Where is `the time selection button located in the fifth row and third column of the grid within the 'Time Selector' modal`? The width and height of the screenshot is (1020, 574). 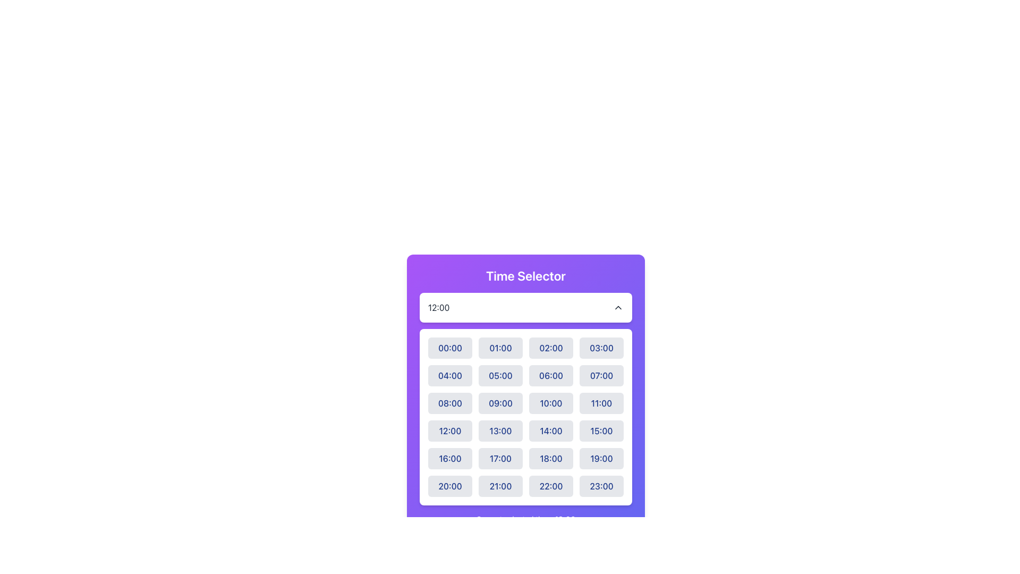 the time selection button located in the fifth row and third column of the grid within the 'Time Selector' modal is located at coordinates (551, 458).